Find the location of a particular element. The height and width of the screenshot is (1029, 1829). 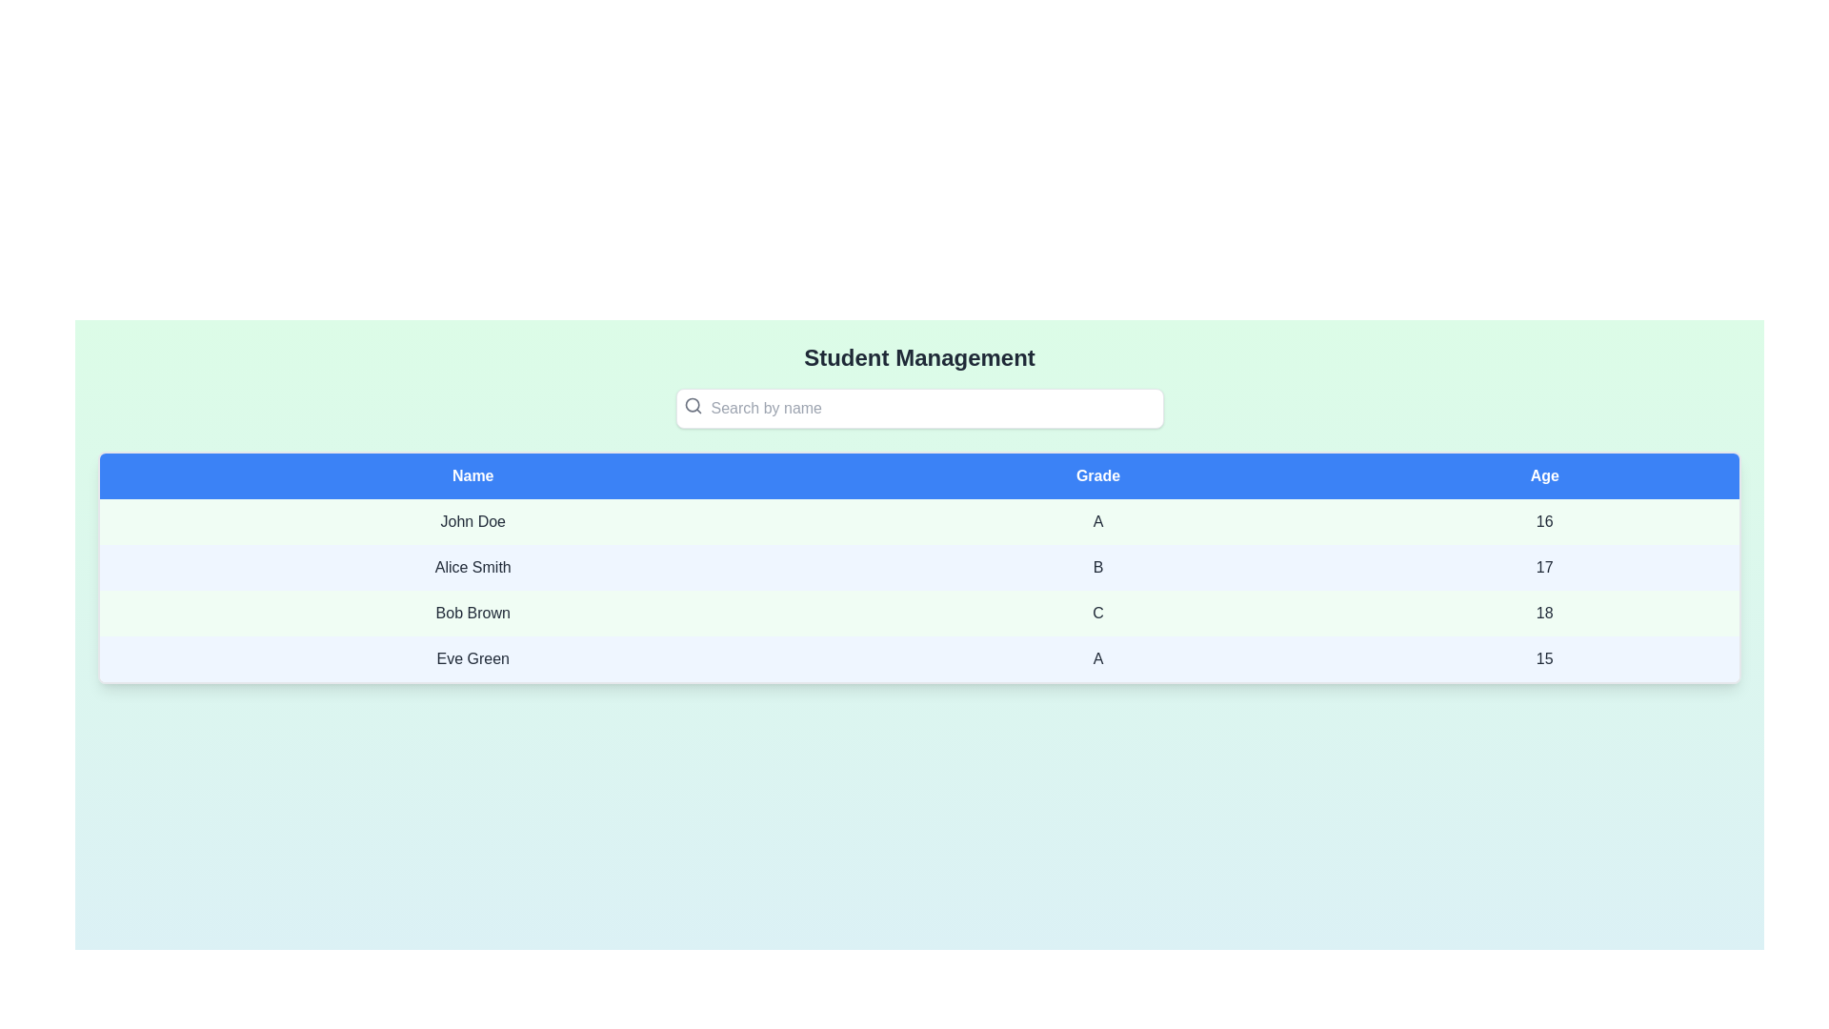

the Table Header Cell for the 'Age' column, which is the third column header in the table is located at coordinates (1544, 475).